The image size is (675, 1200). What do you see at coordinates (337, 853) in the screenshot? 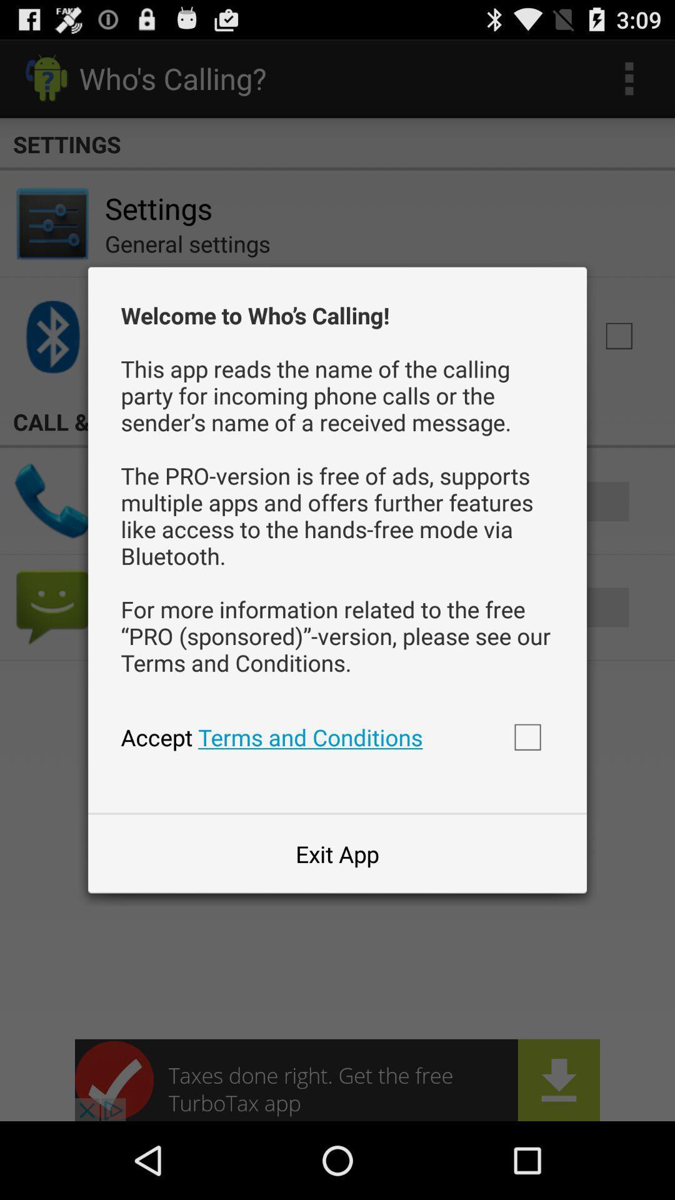
I see `the exit app button` at bounding box center [337, 853].